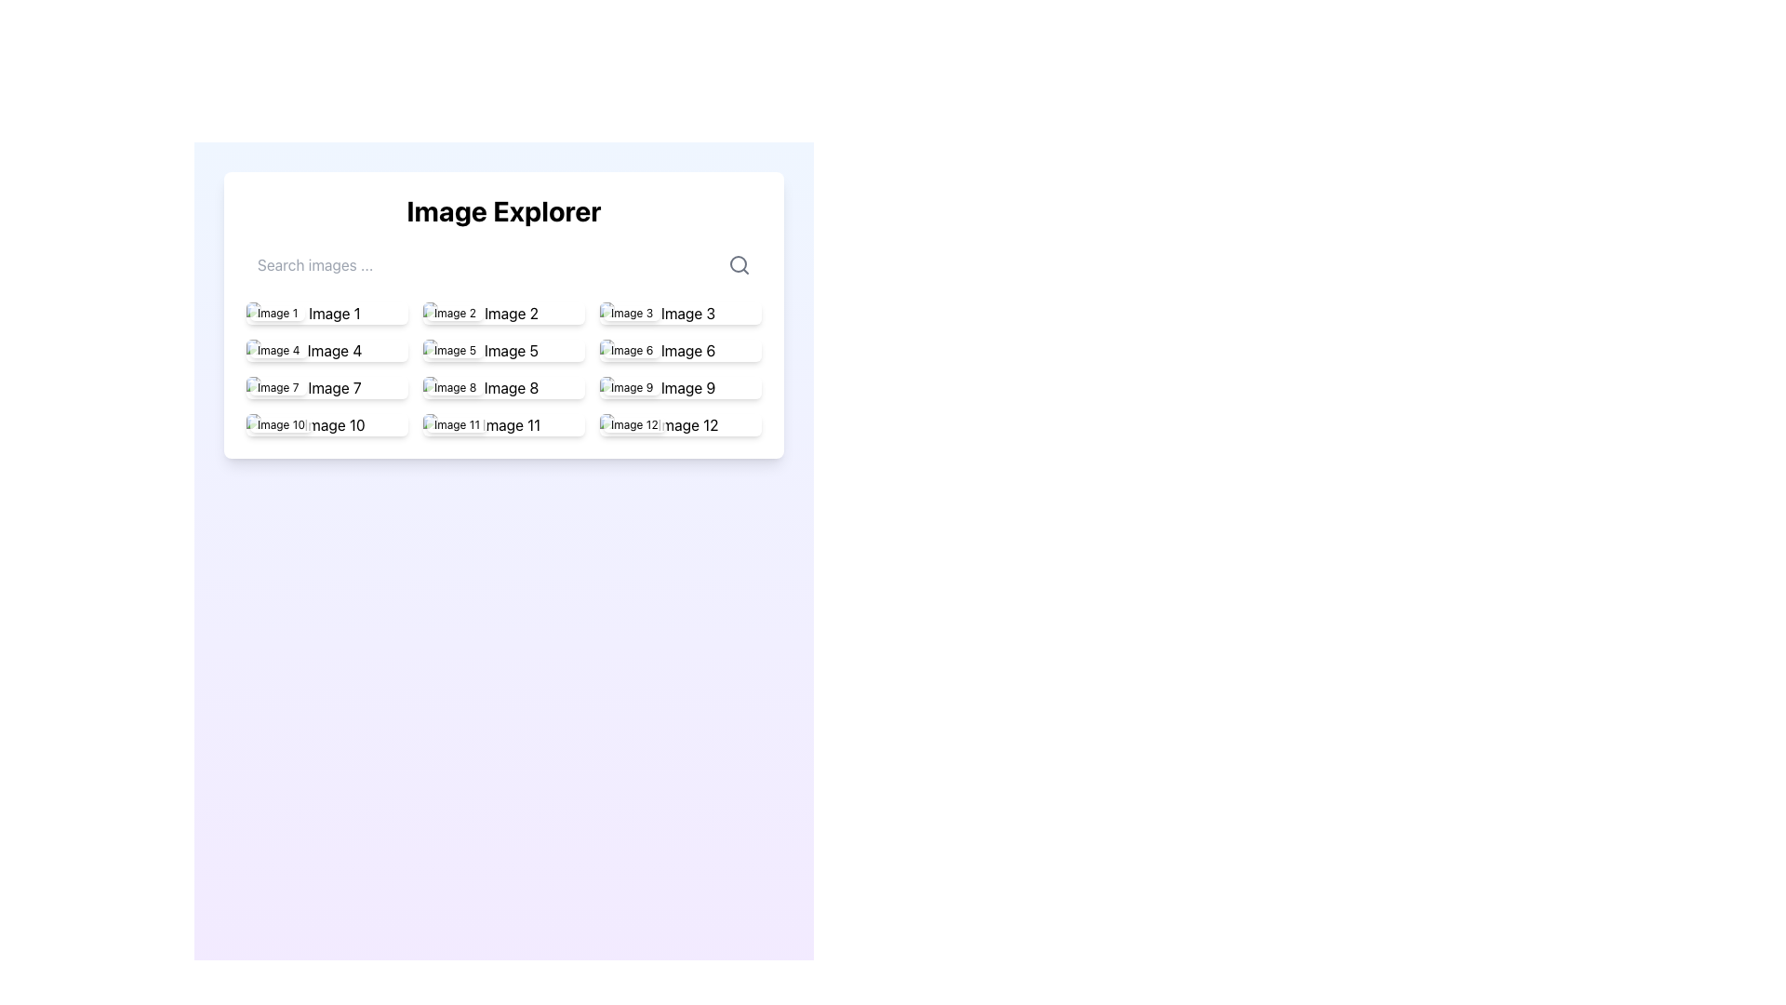 Image resolution: width=1786 pixels, height=1005 pixels. I want to click on the thumbnail labeled 'Image 8', so click(504, 386).